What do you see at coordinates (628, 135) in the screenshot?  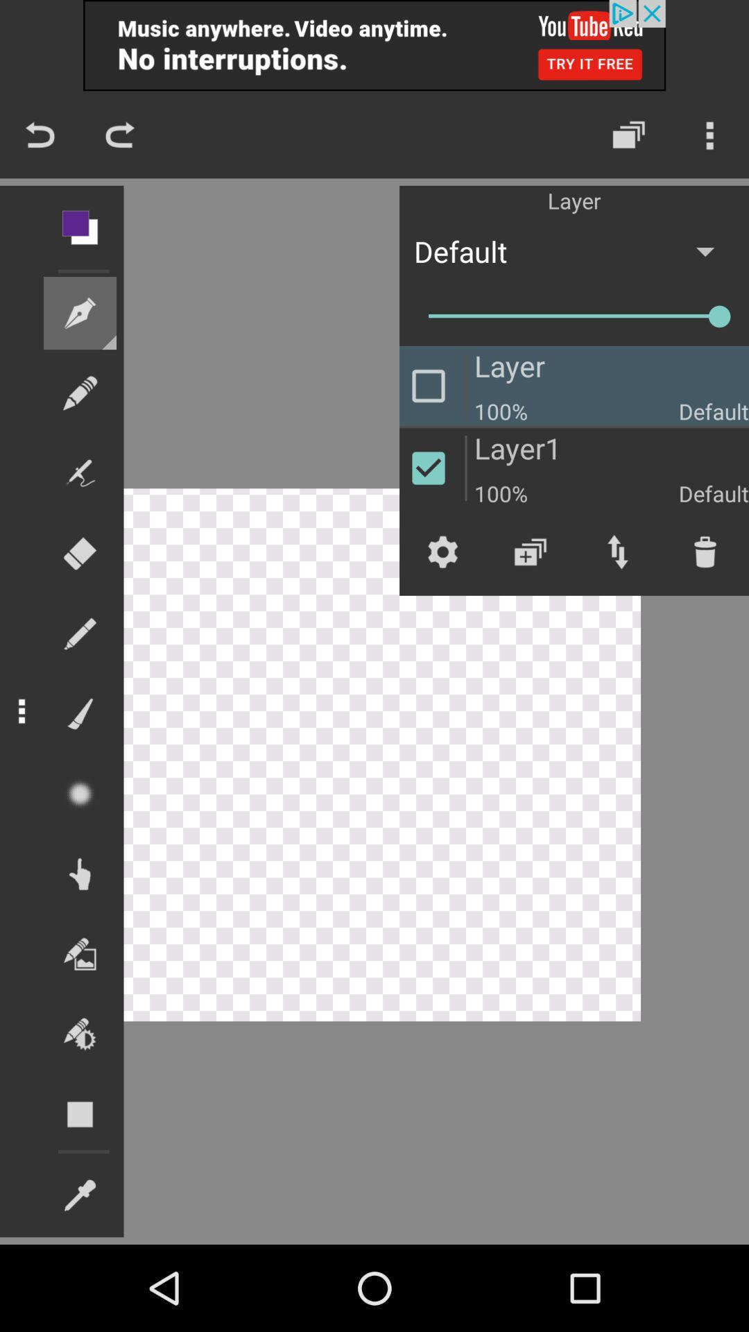 I see `the layers icon` at bounding box center [628, 135].